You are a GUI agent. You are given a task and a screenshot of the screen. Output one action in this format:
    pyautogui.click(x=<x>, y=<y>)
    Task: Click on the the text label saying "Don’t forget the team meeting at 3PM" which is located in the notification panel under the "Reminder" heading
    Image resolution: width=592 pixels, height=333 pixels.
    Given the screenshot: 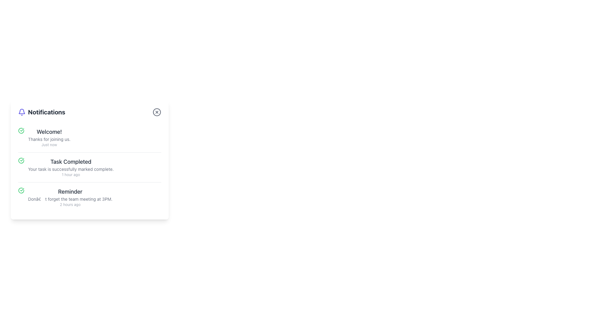 What is the action you would take?
    pyautogui.click(x=70, y=199)
    